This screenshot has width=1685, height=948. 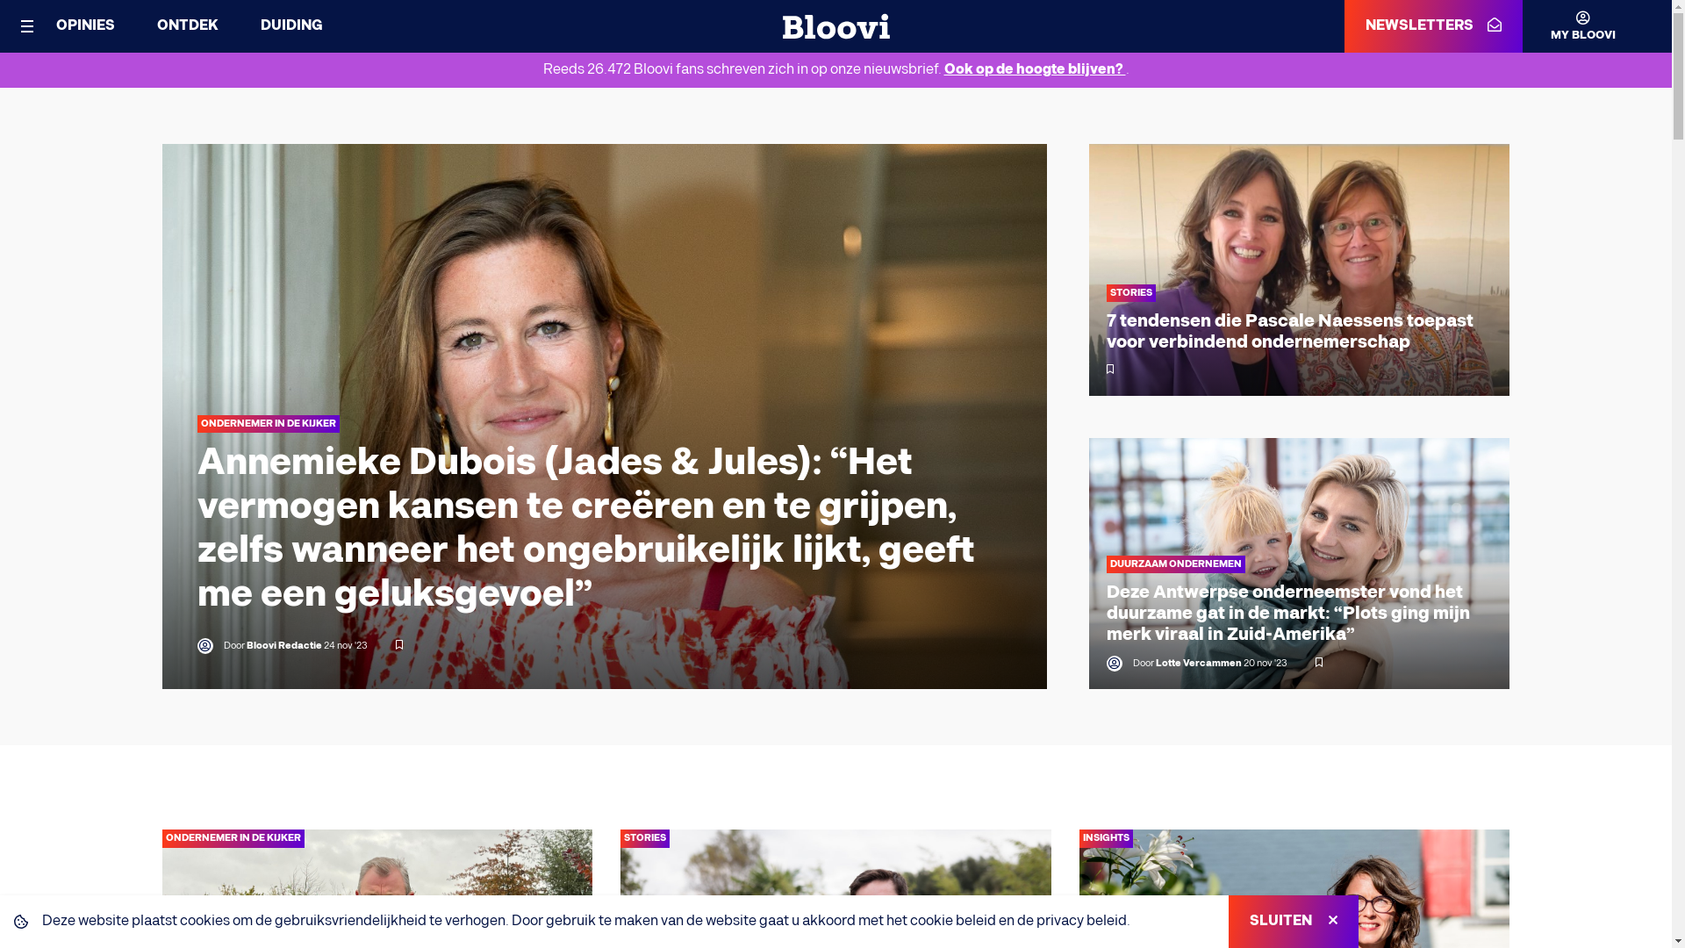 What do you see at coordinates (1035, 68) in the screenshot?
I see `'Ook op de hoogte blijven?'` at bounding box center [1035, 68].